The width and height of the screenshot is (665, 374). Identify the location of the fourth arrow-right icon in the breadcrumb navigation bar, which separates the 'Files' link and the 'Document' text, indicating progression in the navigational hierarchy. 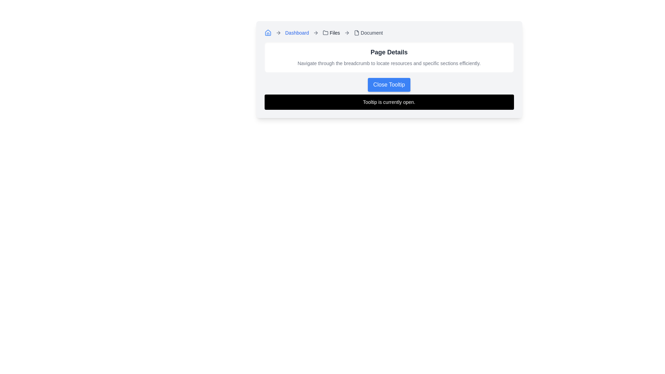
(347, 33).